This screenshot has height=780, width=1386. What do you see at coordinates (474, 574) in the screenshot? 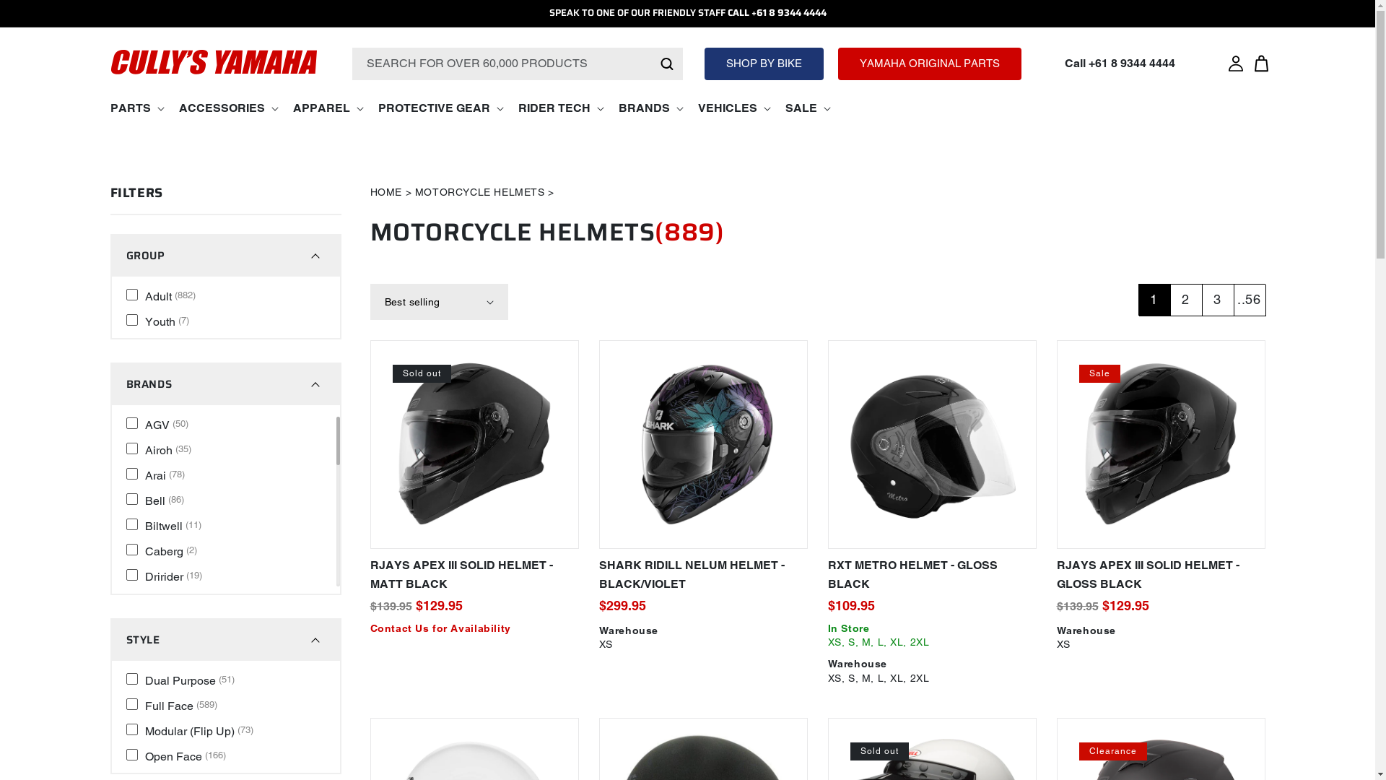
I see `'RJAYS APEX III SOLID HELMET - MATT BLACK'` at bounding box center [474, 574].